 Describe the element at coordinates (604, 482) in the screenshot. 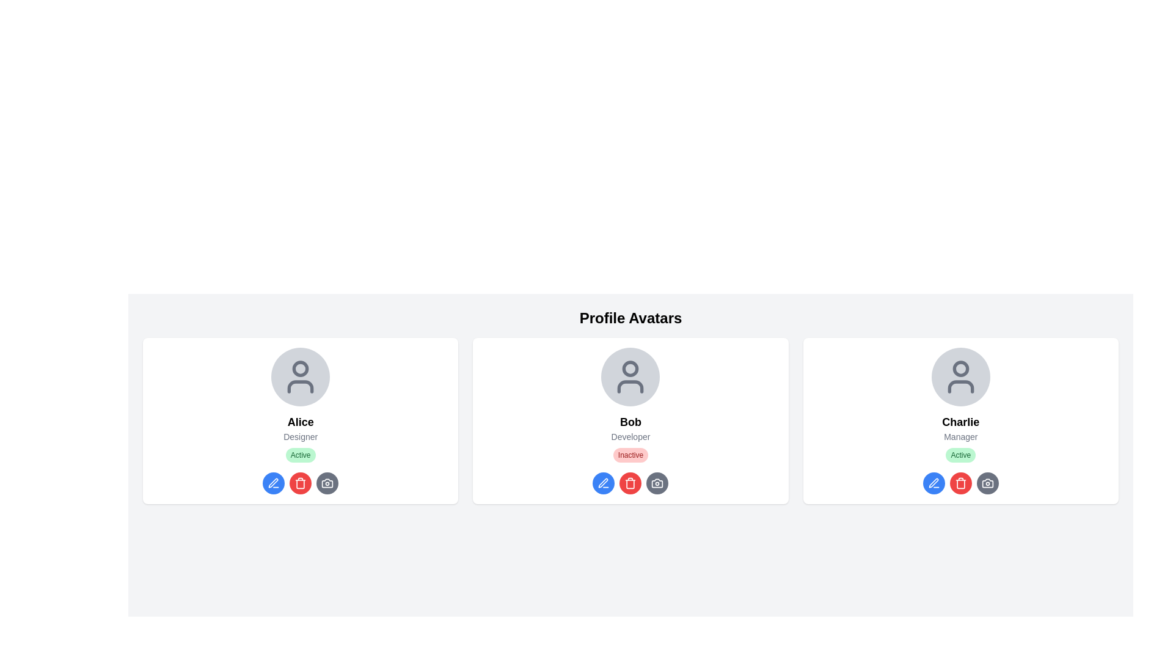

I see `the edit icon represented by an SVG graphic located in the bottom left section of the user profile card` at that location.